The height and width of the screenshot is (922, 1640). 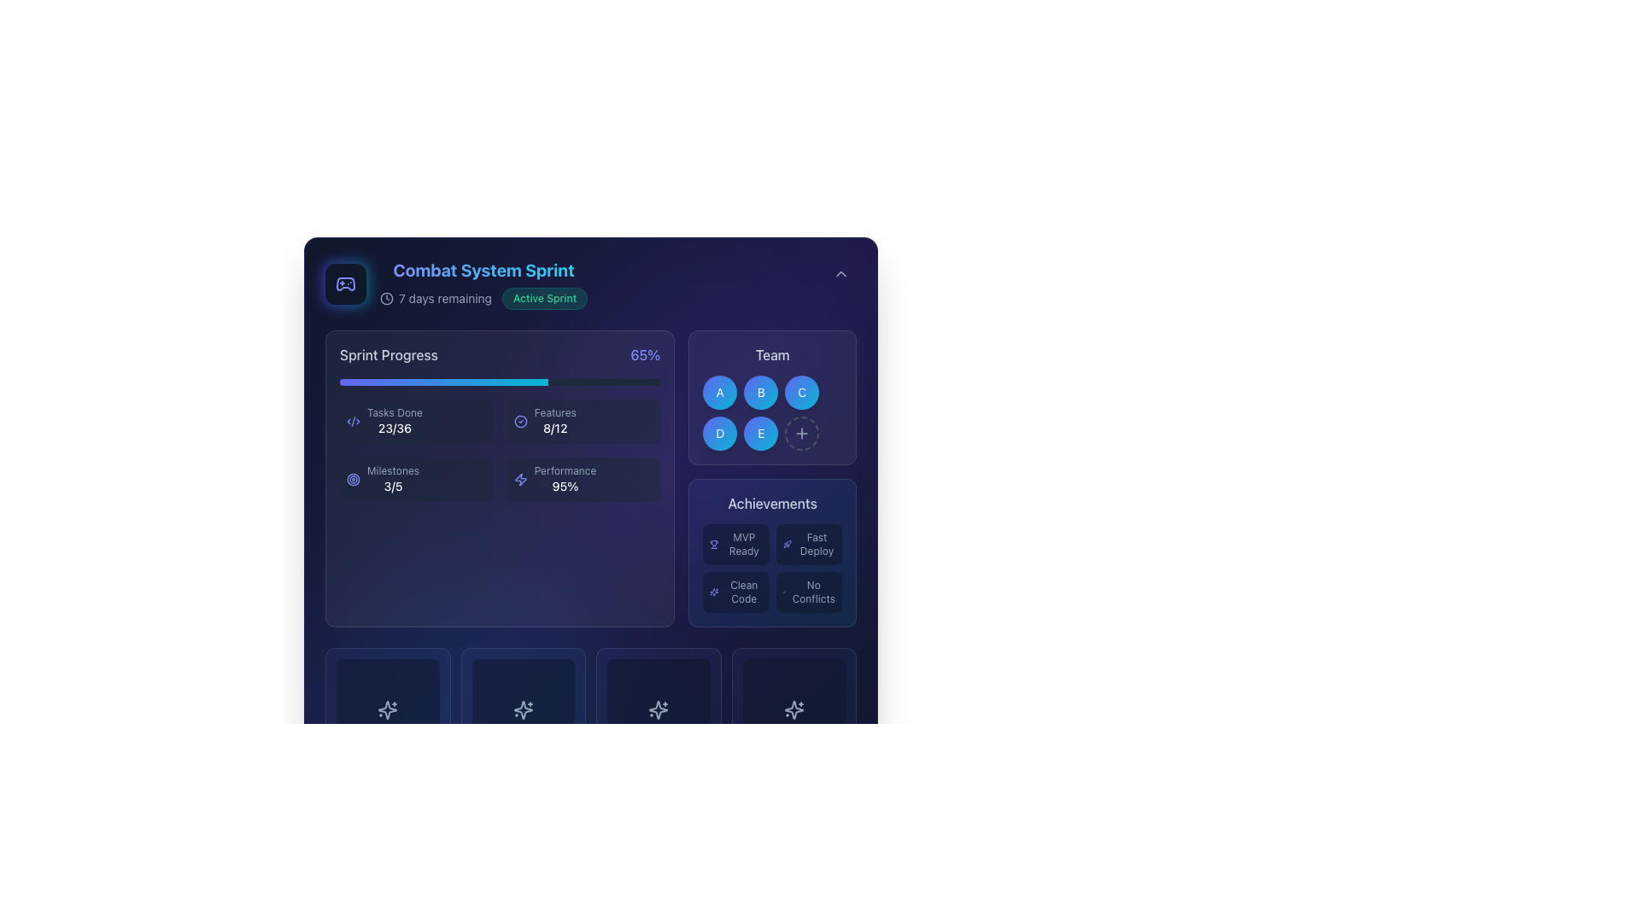 I want to click on the square-shaped button with a dark background and a sparkles icon in the center, so click(x=658, y=710).